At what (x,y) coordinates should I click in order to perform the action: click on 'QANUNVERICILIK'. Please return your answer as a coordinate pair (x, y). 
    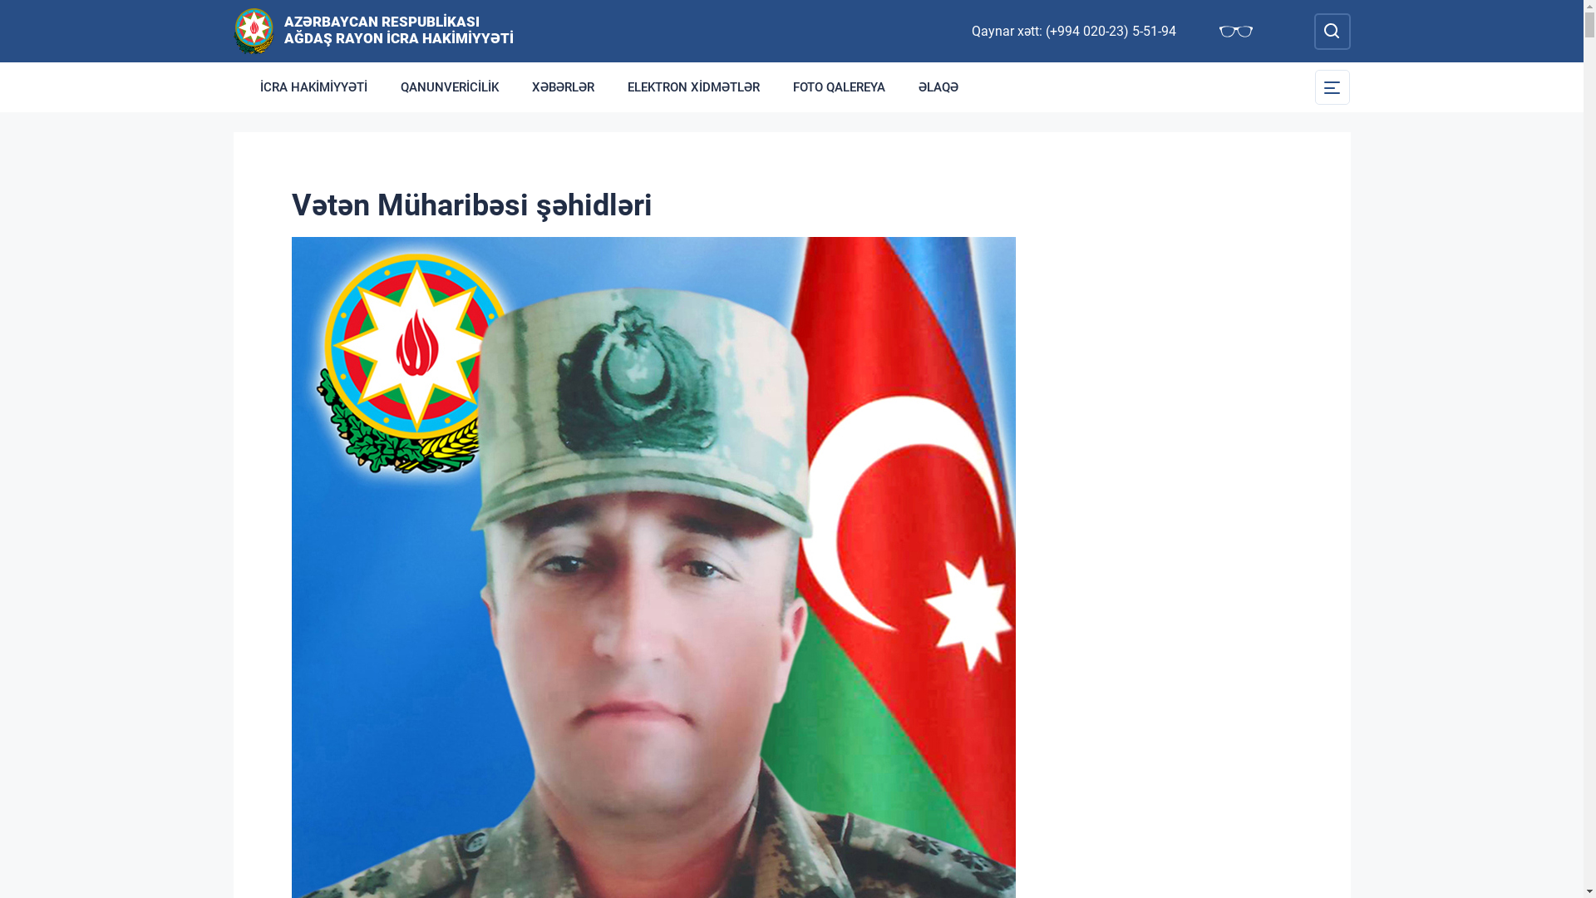
    Looking at the image, I should click on (450, 86).